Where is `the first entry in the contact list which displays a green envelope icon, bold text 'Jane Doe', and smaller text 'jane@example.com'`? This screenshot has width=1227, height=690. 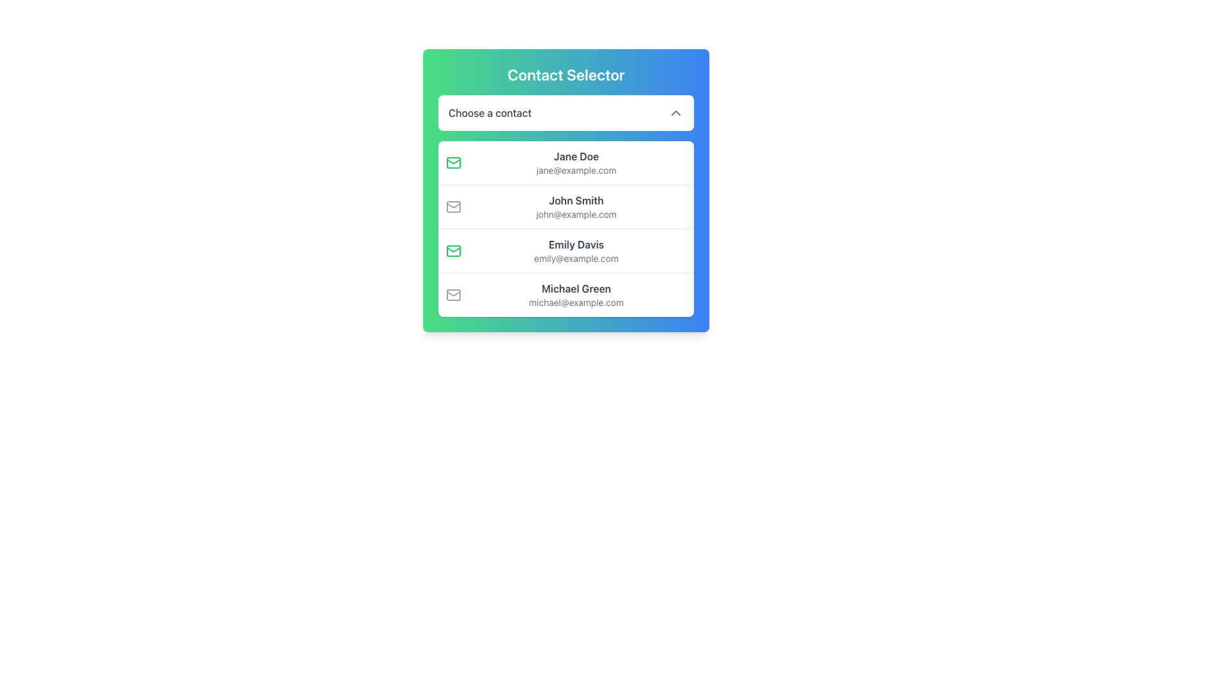 the first entry in the contact list which displays a green envelope icon, bold text 'Jane Doe', and smaller text 'jane@example.com' is located at coordinates (566, 162).